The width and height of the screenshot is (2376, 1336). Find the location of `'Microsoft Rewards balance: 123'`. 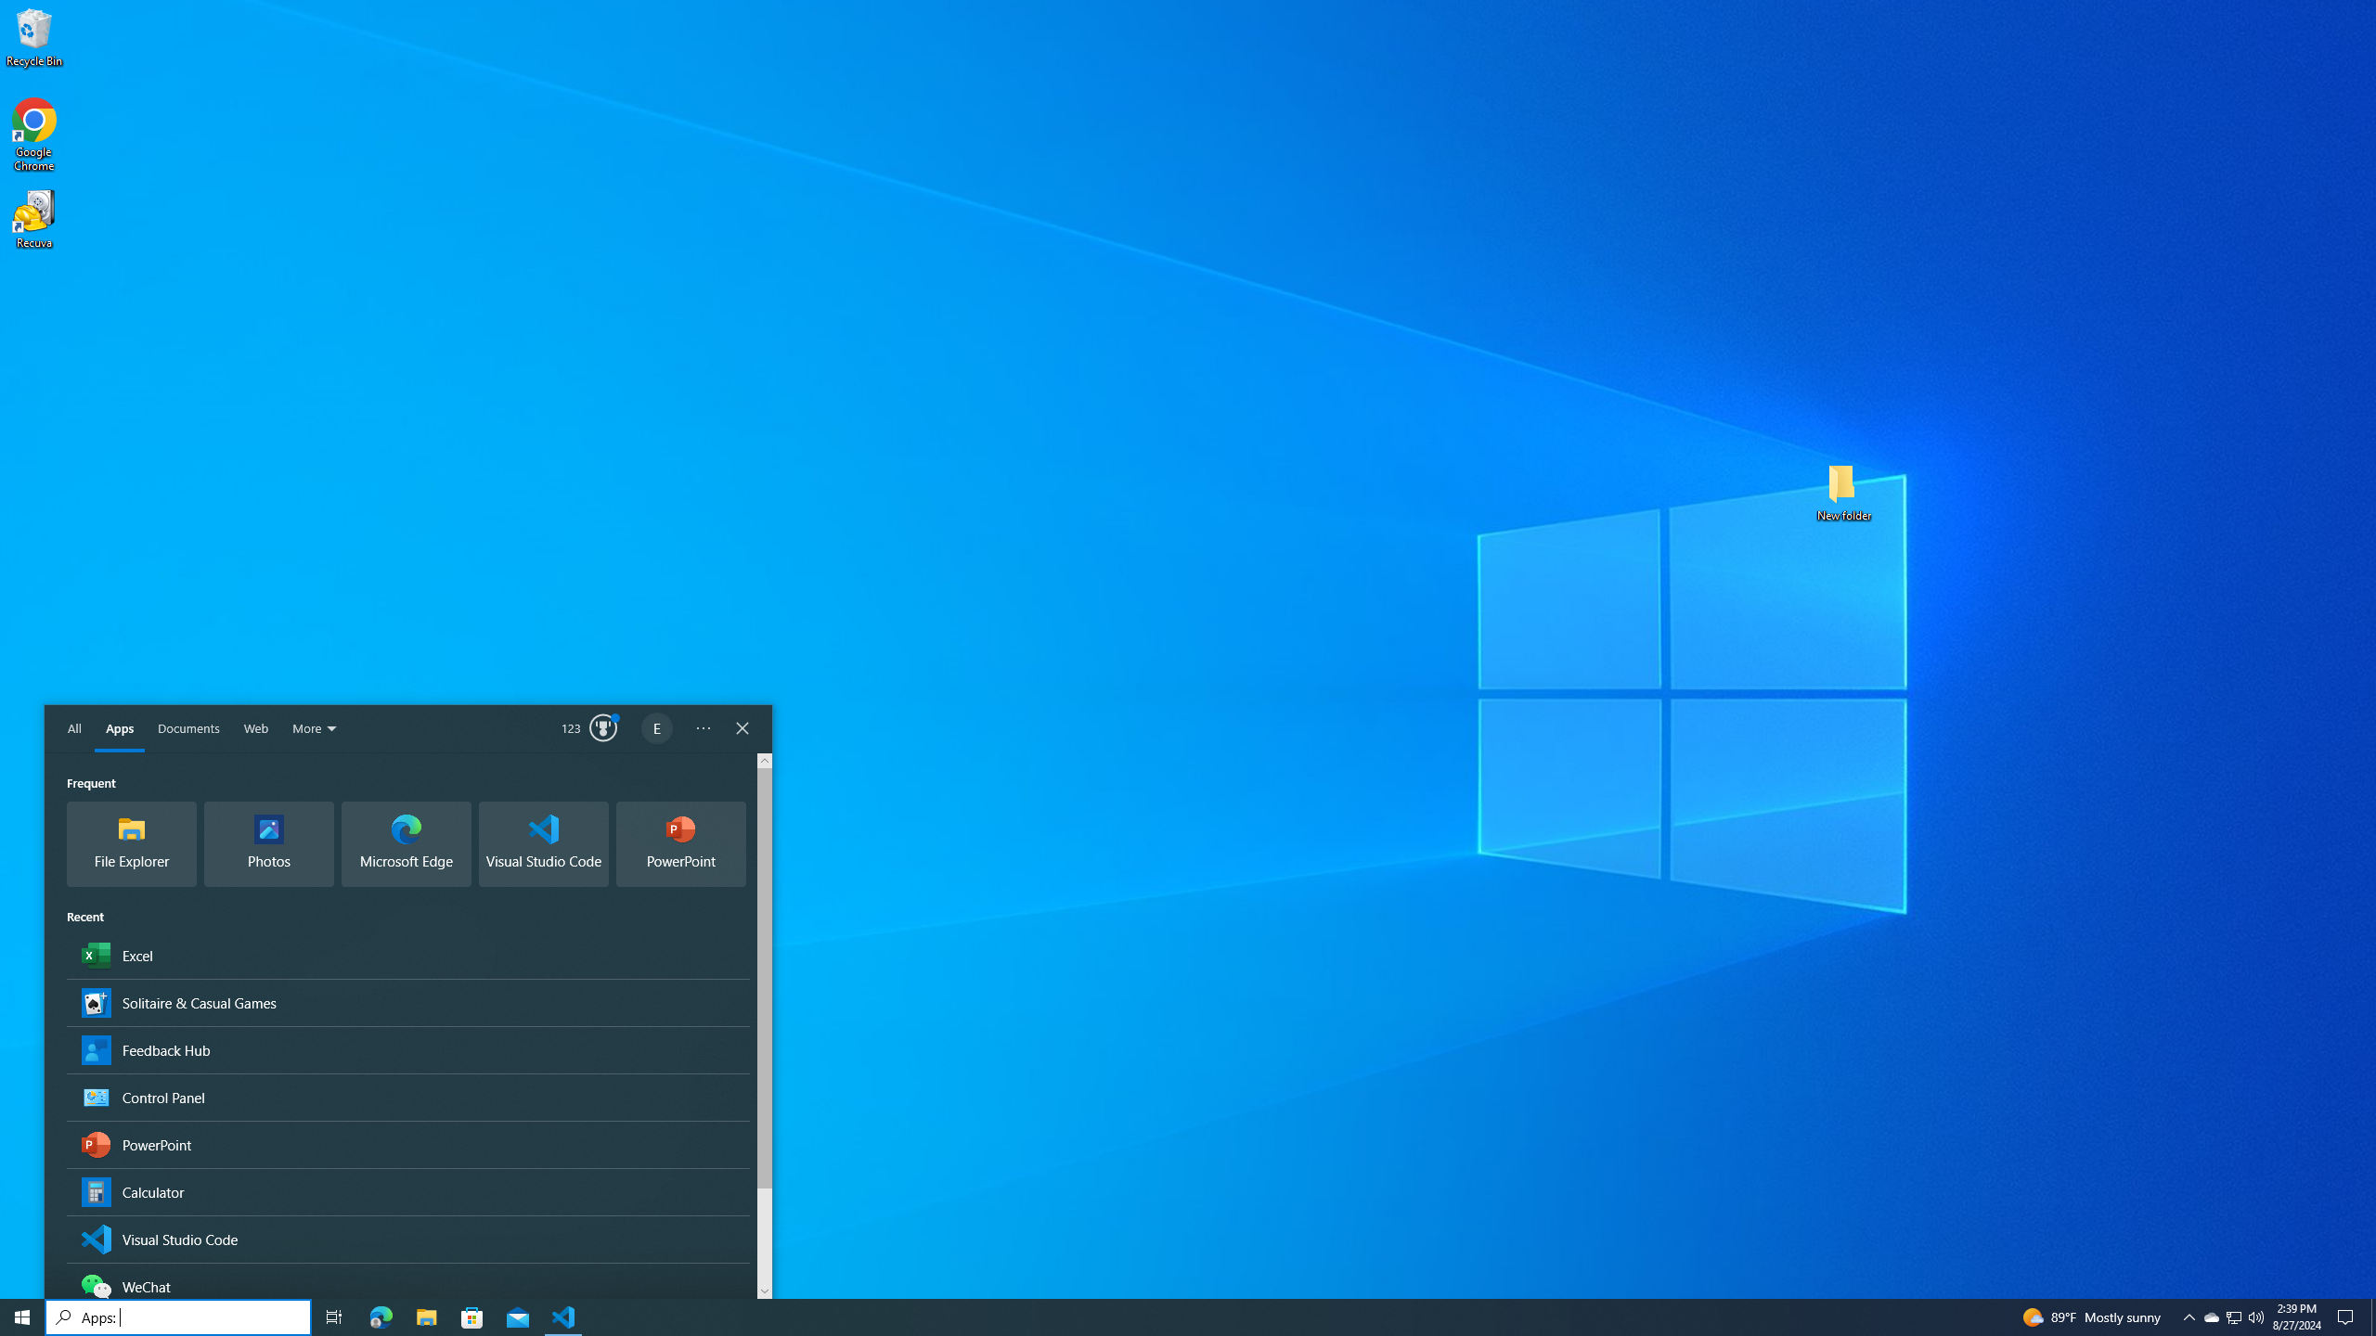

'Microsoft Rewards balance: 123' is located at coordinates (589, 728).